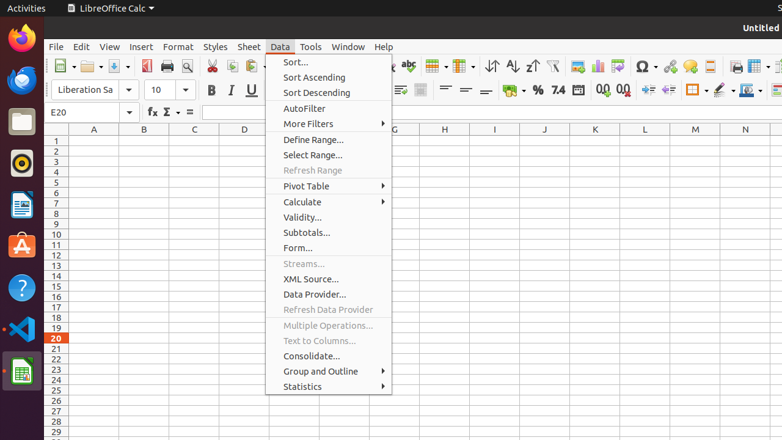 The width and height of the screenshot is (782, 440). Describe the element at coordinates (690, 66) in the screenshot. I see `'Comment'` at that location.